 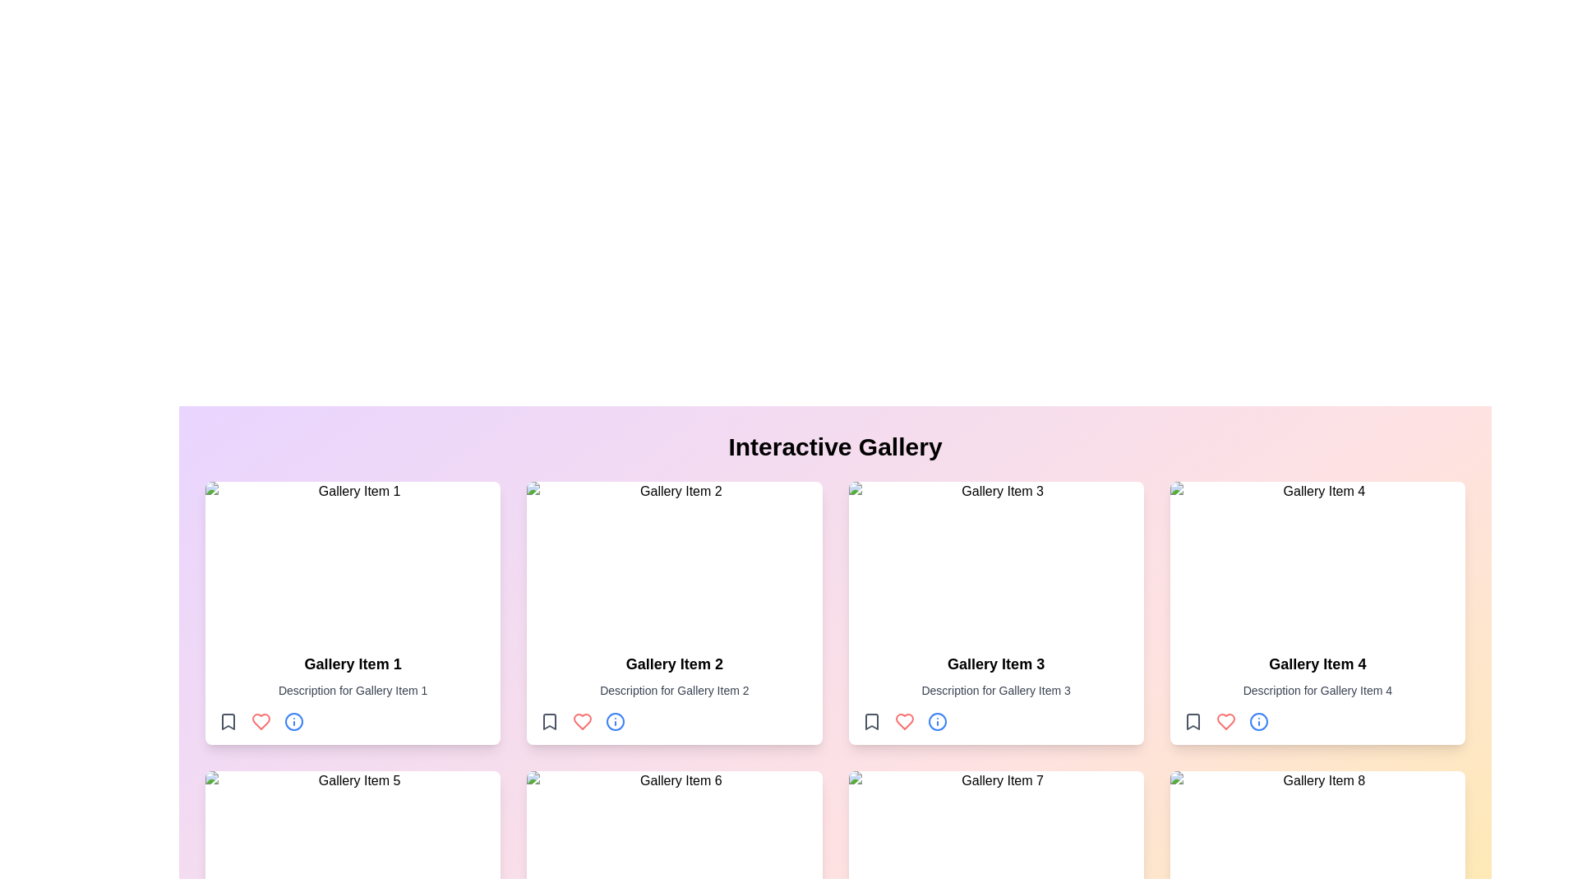 What do you see at coordinates (674, 691) in the screenshot?
I see `the text block displaying details for 'Gallery Item 2'` at bounding box center [674, 691].